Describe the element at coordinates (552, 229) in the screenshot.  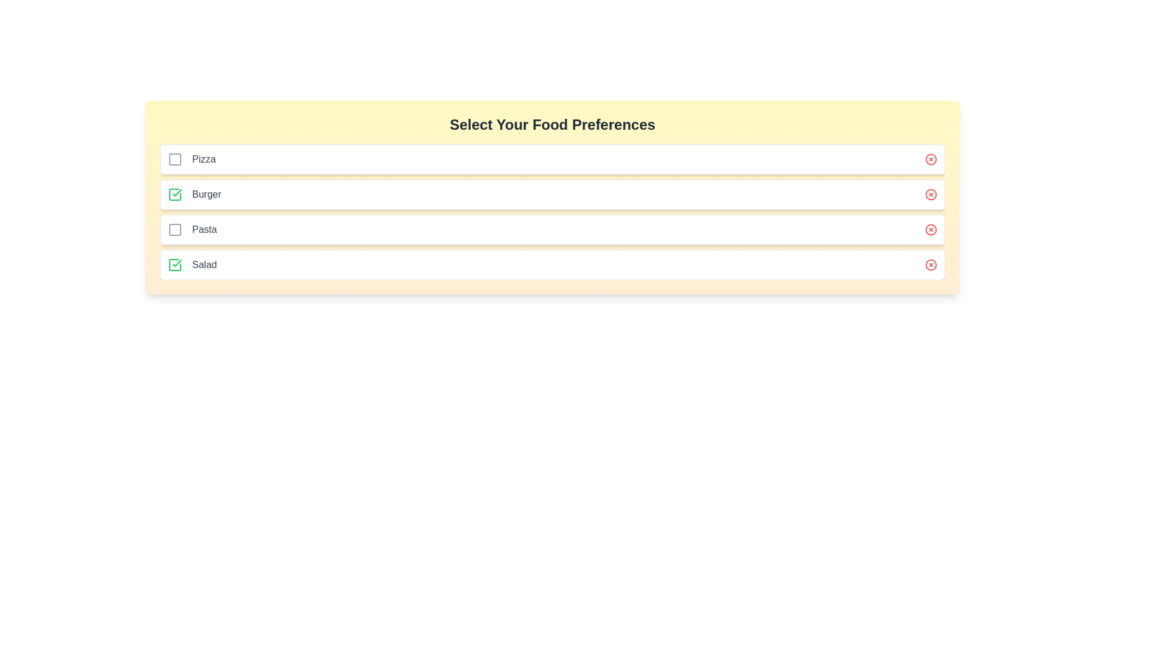
I see `the 'Pasta' food preference list item with checkbox` at that location.